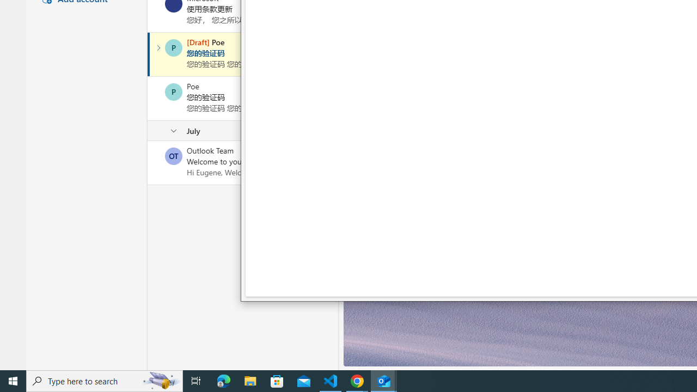 The height and width of the screenshot is (392, 697). What do you see at coordinates (223, 380) in the screenshot?
I see `'Microsoft Edge'` at bounding box center [223, 380].